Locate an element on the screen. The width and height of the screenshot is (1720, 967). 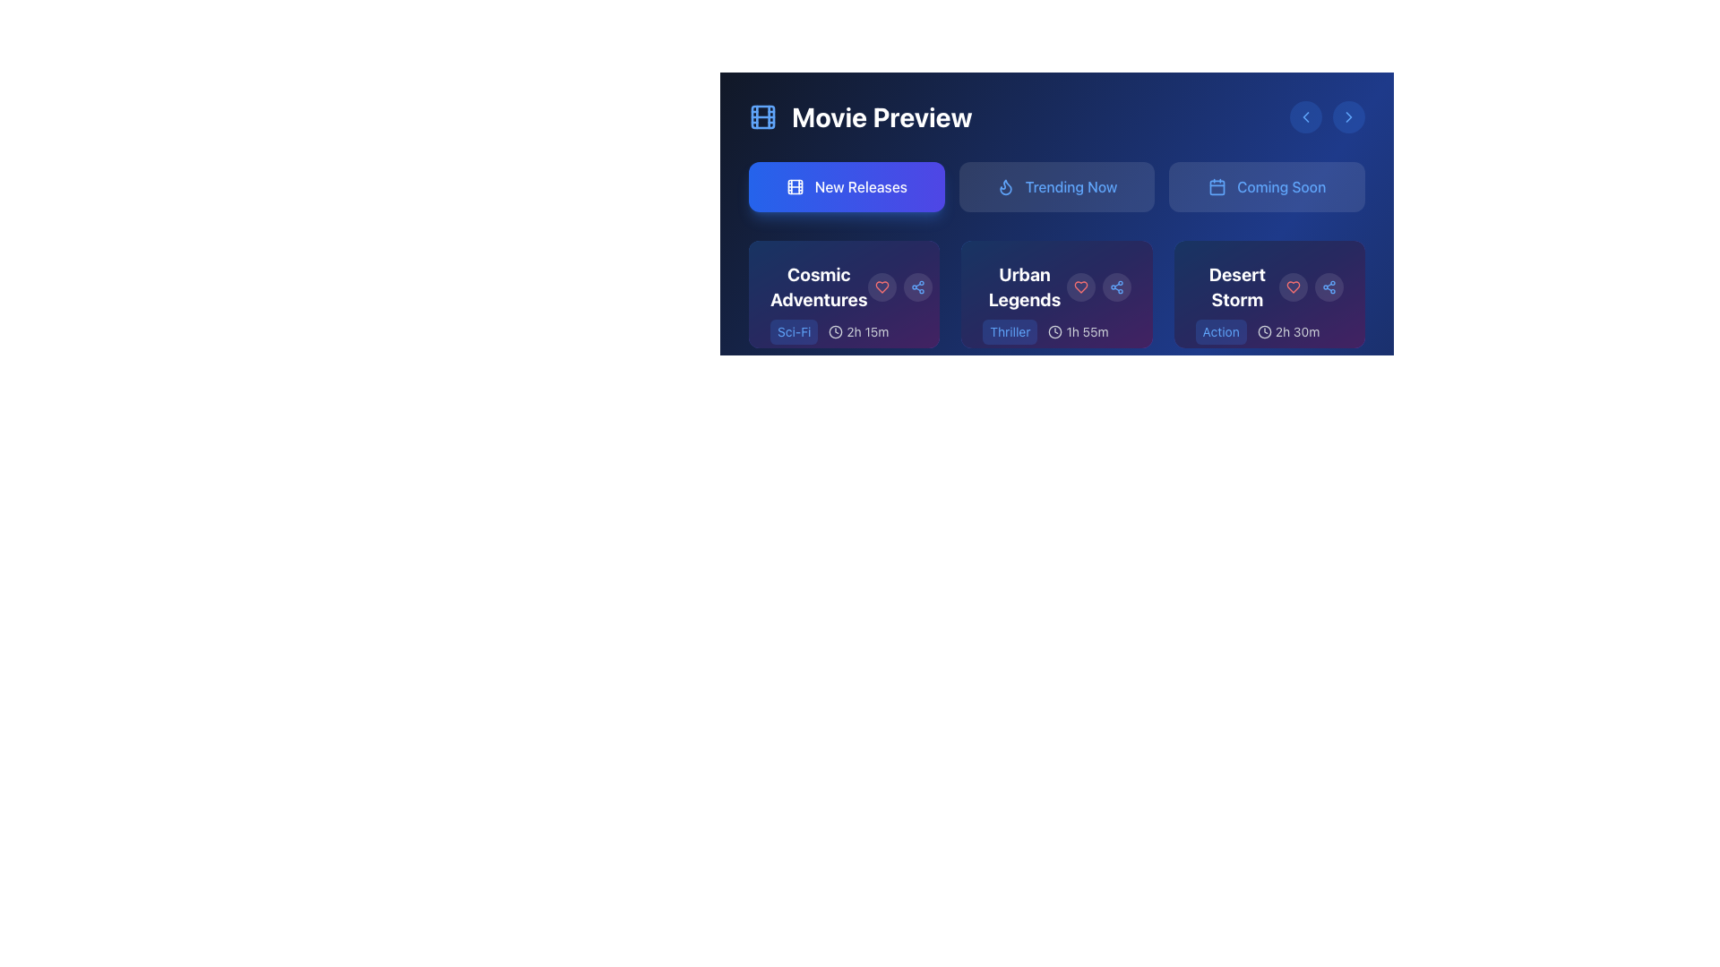
the clock icon located in the 'Urban Legends' section under the 'Thriller' tag, which is positioned to the left of the text '1h 55m' is located at coordinates (1055, 331).